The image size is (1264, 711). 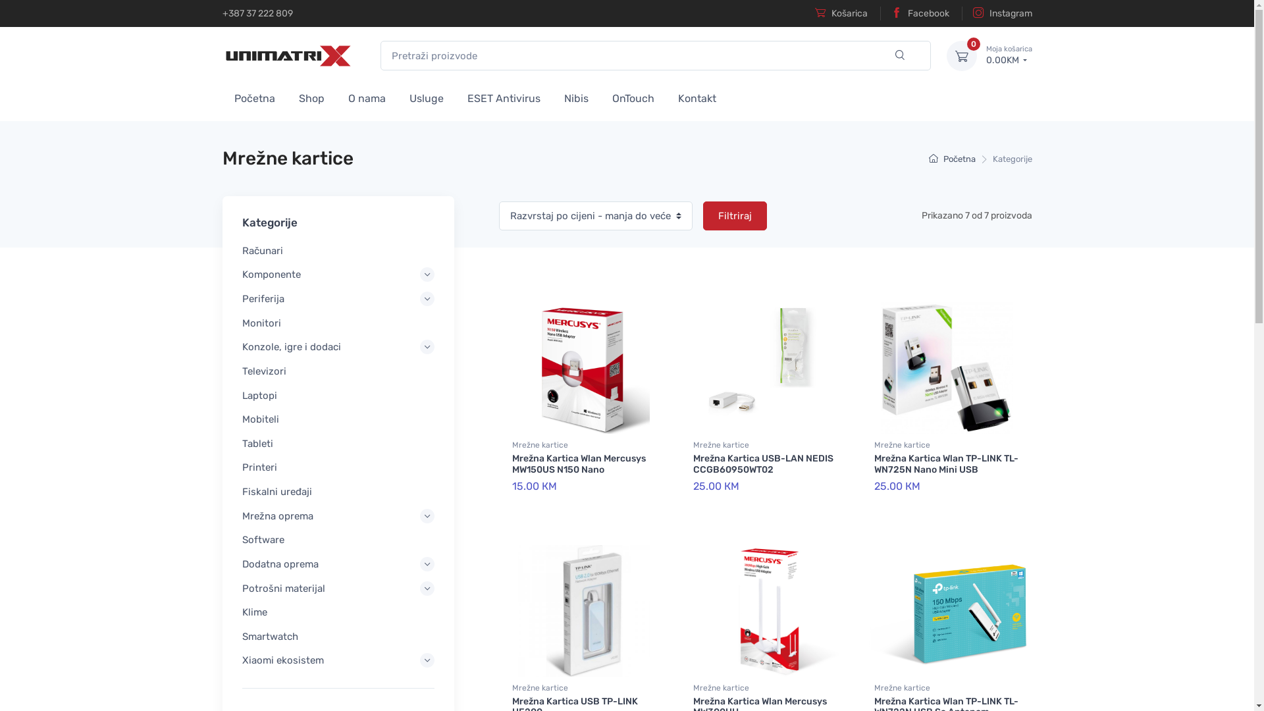 I want to click on 'Kontakt', so click(x=697, y=96).